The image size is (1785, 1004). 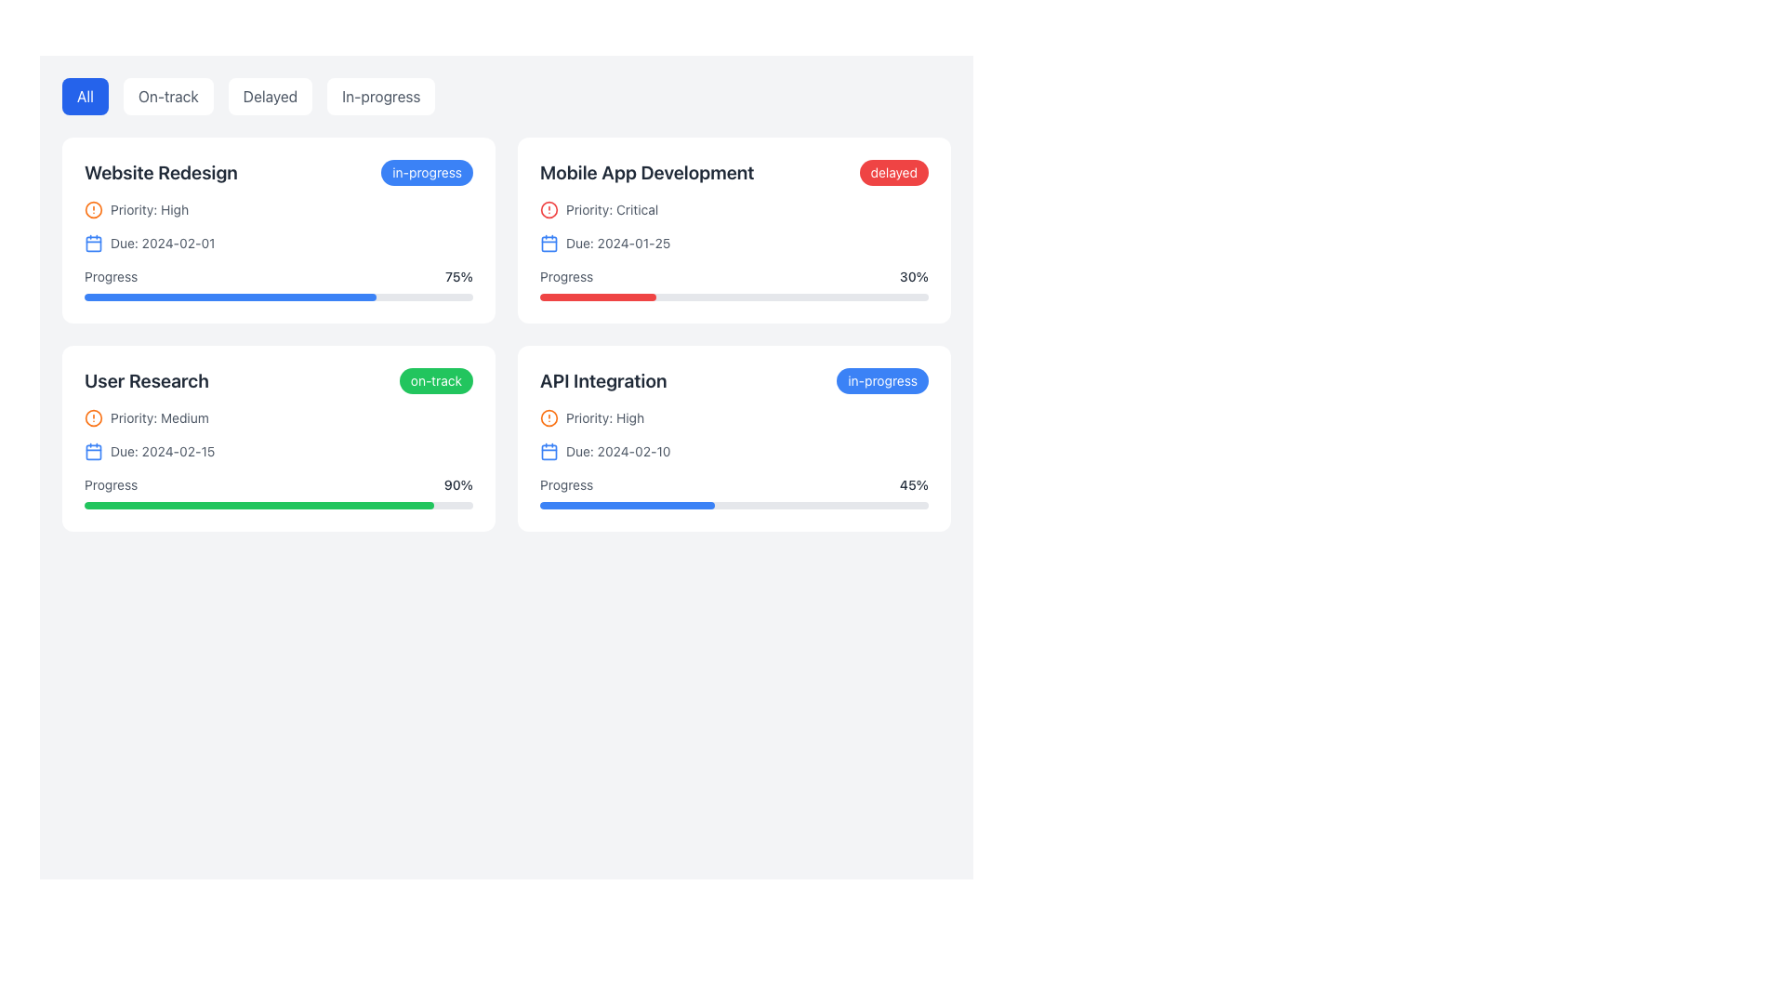 I want to click on informational text component that displays the label 'Progress' and the percentage '30%' located above the red progress bar in the 'Mobile App Development' card, so click(x=734, y=276).